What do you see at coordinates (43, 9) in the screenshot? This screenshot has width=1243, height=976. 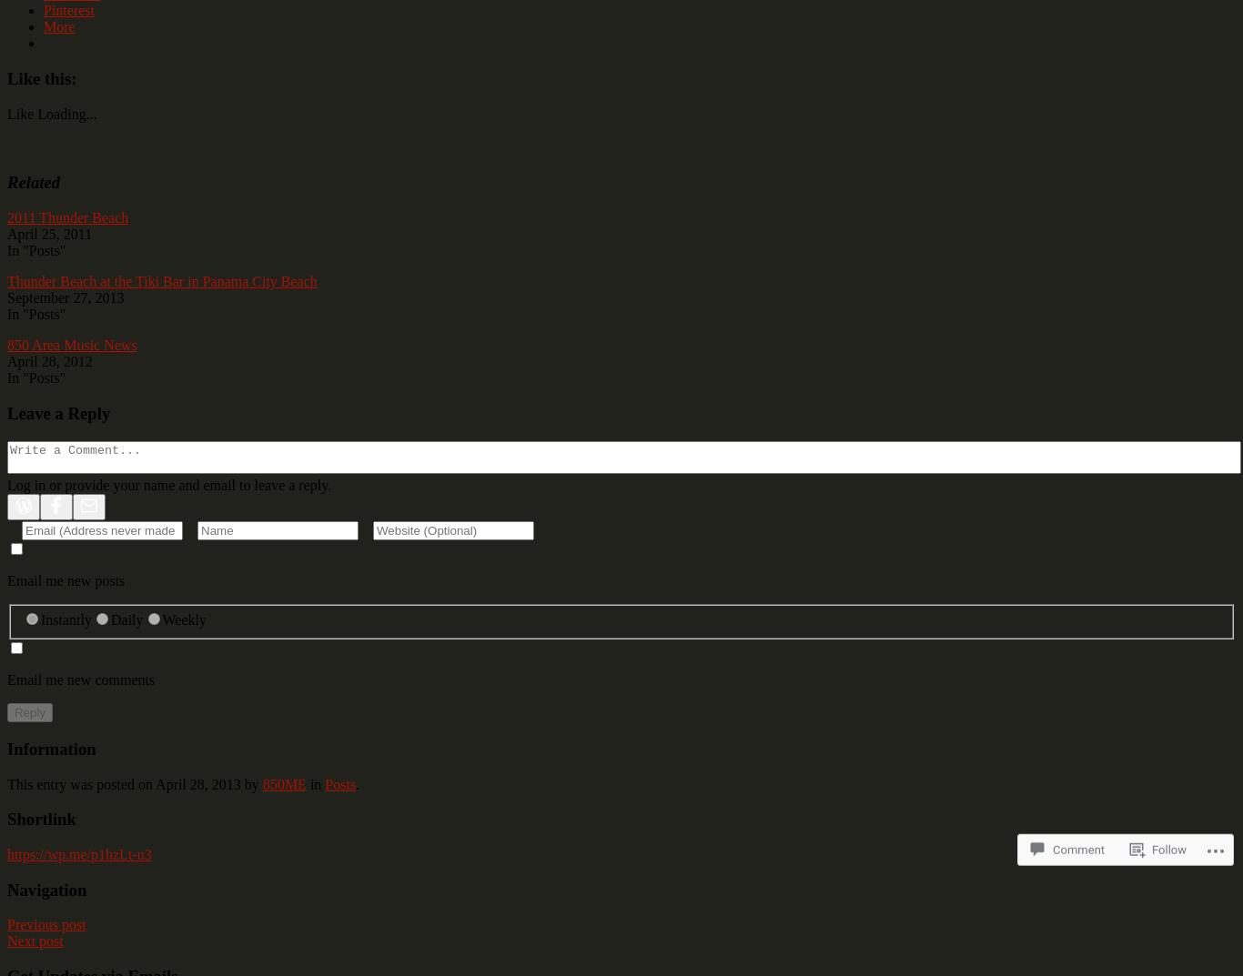 I see `'Pinterest'` at bounding box center [43, 9].